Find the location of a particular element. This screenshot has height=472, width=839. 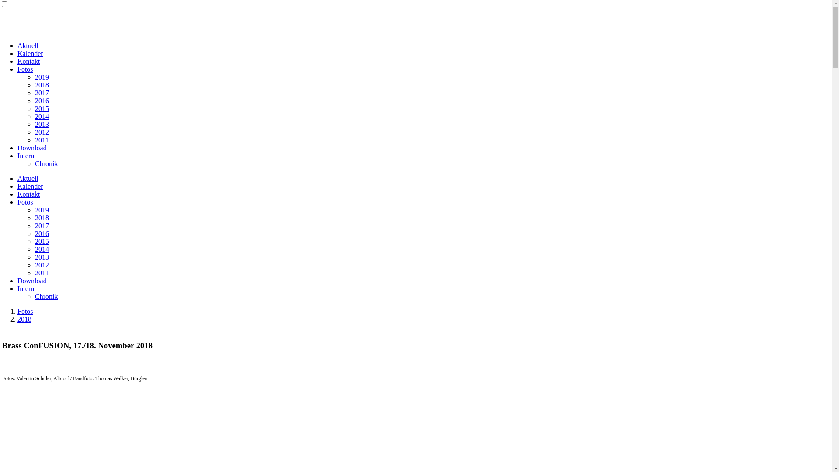

'Fotos' is located at coordinates (17, 202).